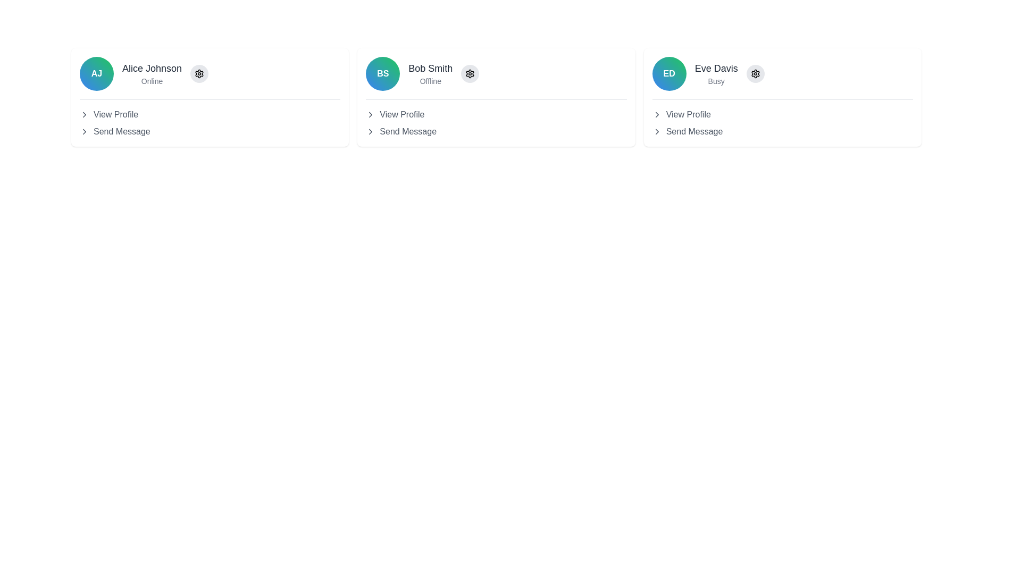 The height and width of the screenshot is (574, 1021). I want to click on the chevron icon next to the 'Send Message' text in the user card of 'Eve Davis', so click(656, 131).